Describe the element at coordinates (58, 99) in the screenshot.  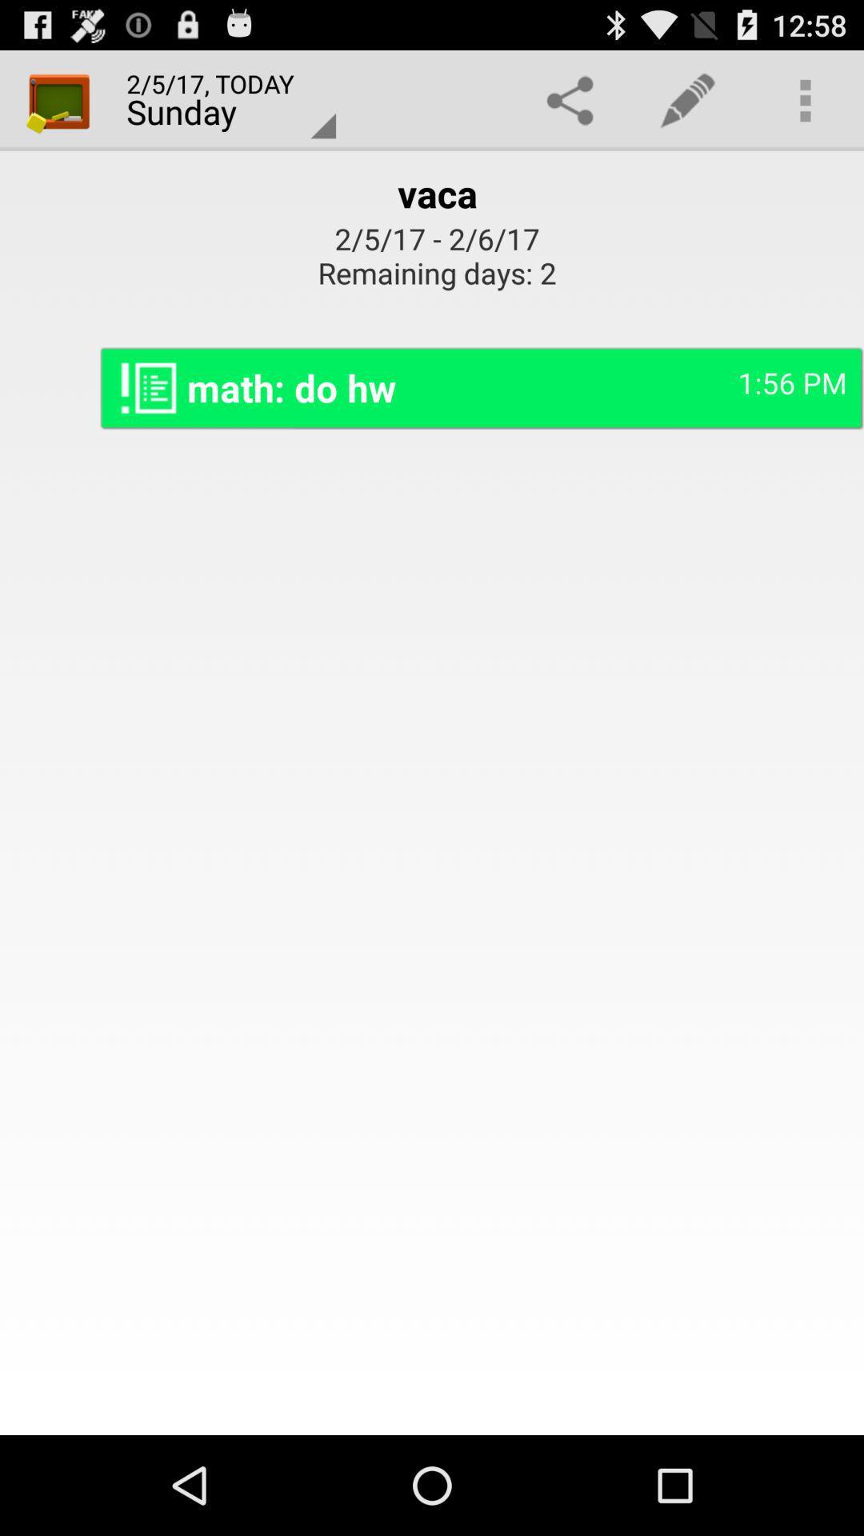
I see `the logo on the menu bar` at that location.